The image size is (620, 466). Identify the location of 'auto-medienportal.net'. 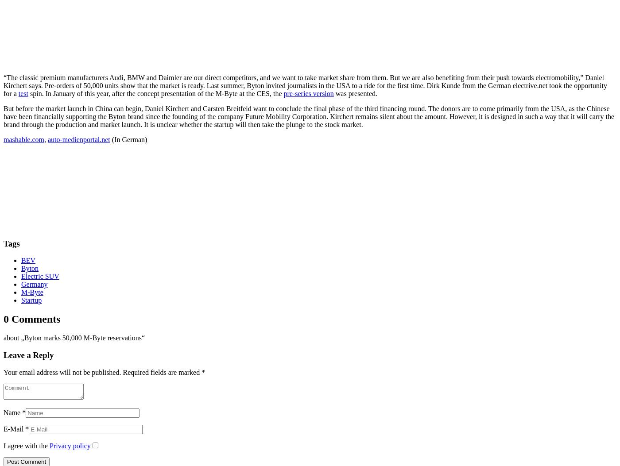
(47, 139).